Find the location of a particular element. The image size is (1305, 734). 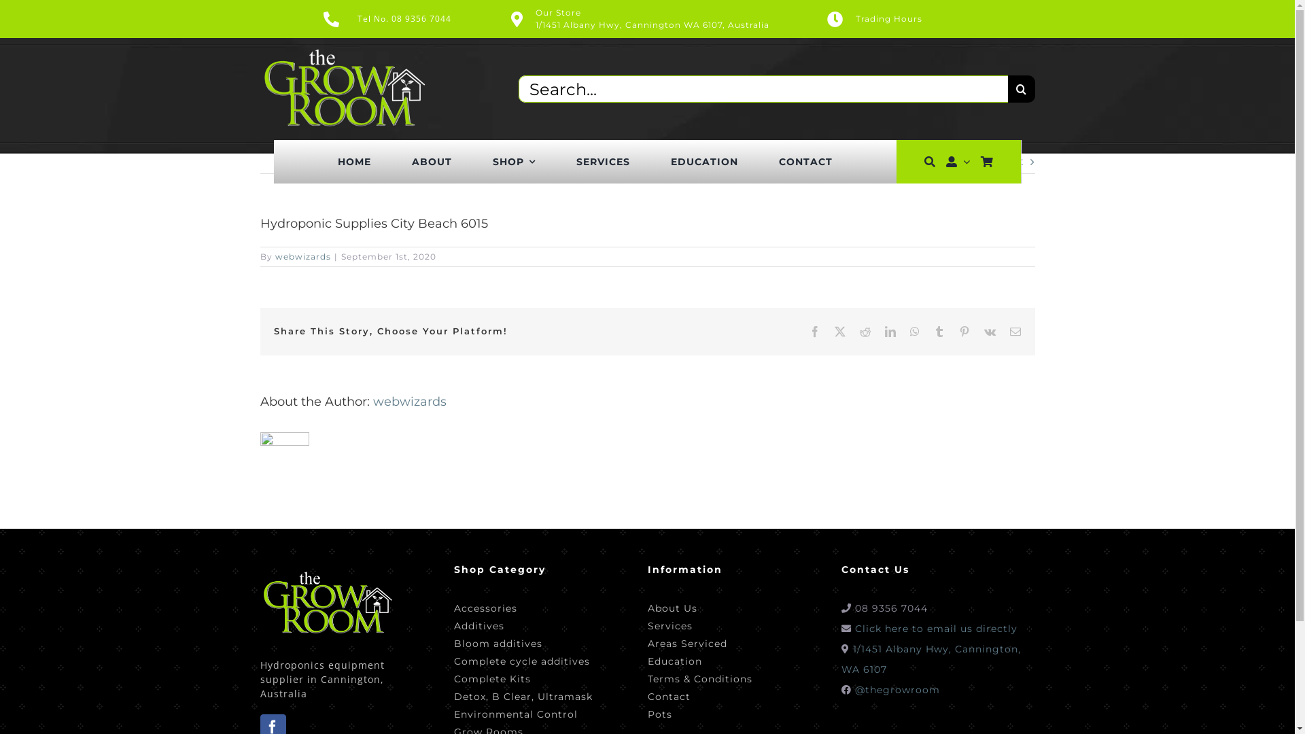

'Our Store' is located at coordinates (558, 12).